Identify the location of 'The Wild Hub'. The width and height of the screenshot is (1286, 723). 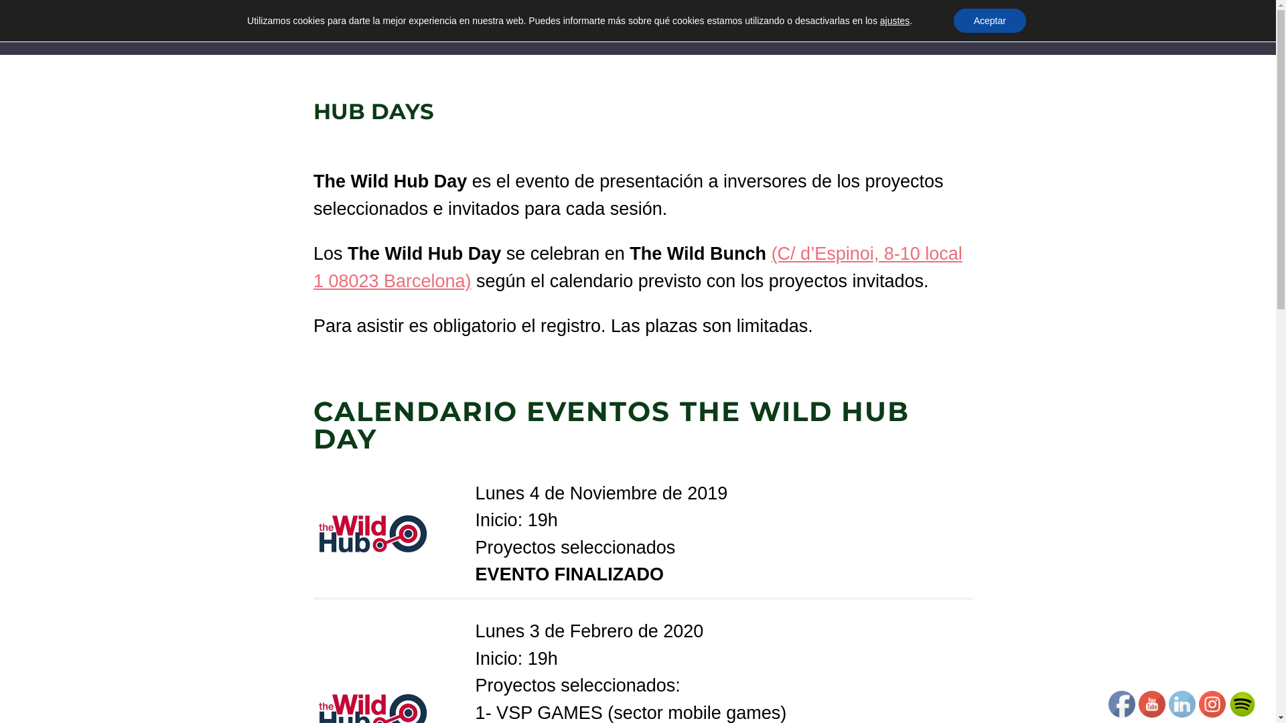
(1064, 27).